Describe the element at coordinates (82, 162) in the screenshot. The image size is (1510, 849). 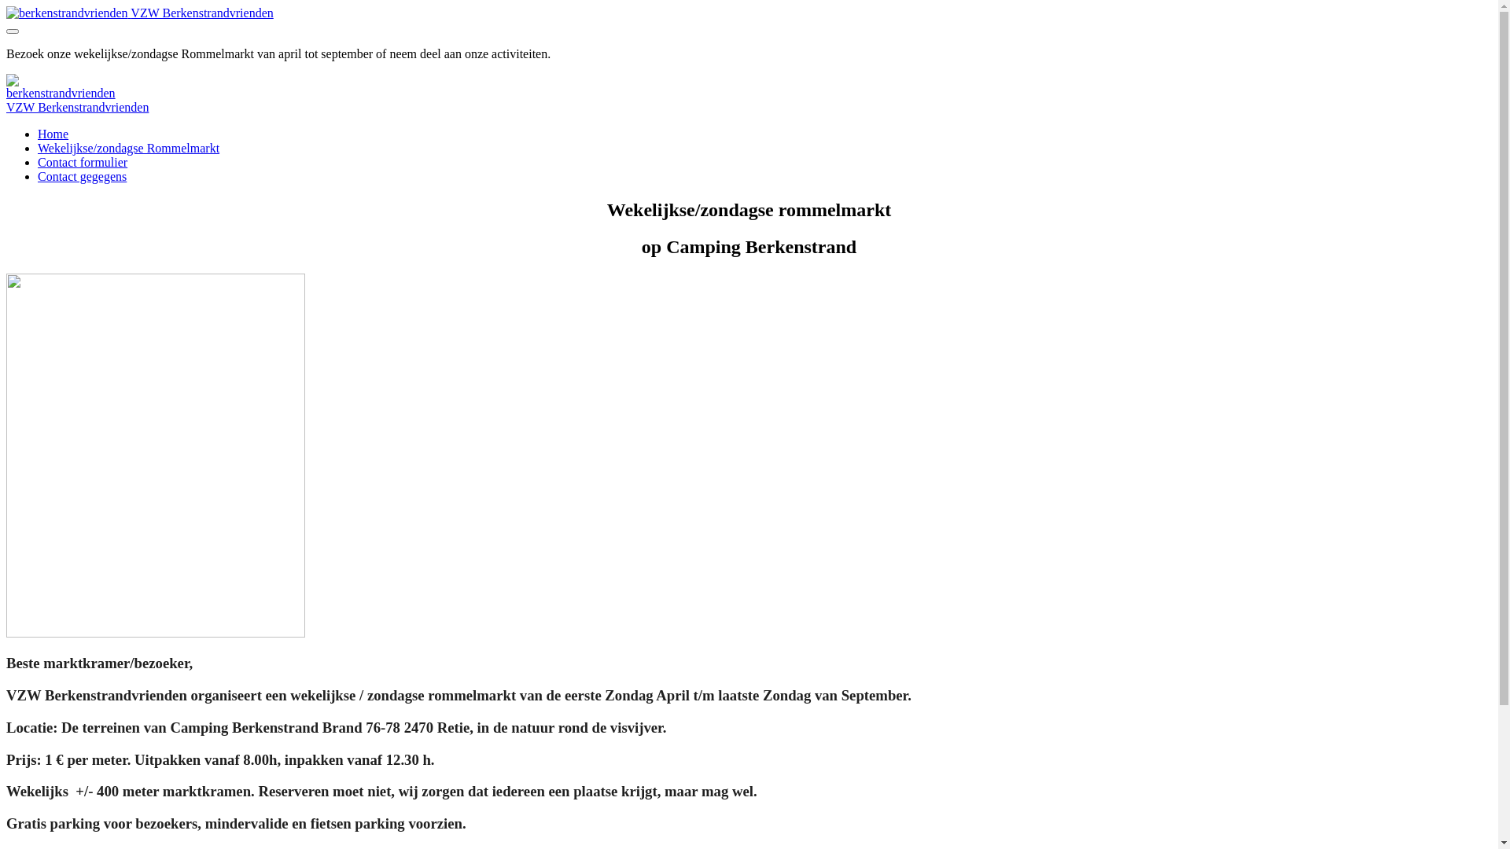
I see `'Contact formulier'` at that location.